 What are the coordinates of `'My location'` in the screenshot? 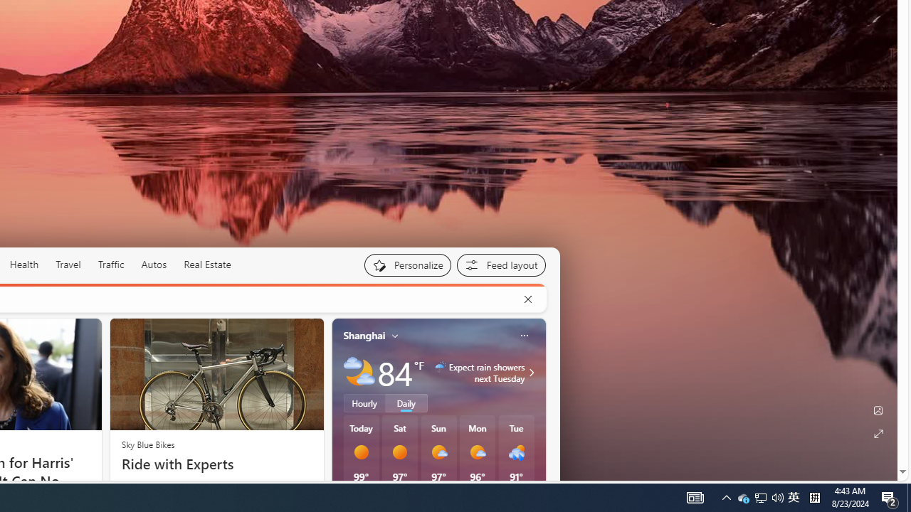 It's located at (395, 335).